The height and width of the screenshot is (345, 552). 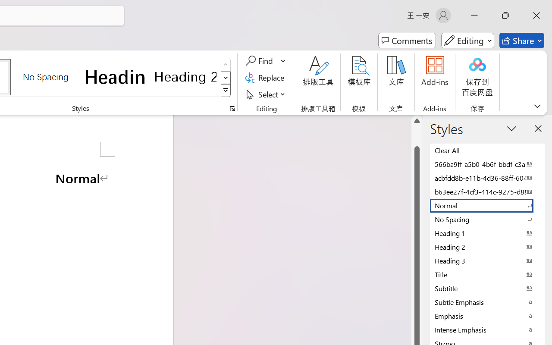 What do you see at coordinates (487, 274) in the screenshot?
I see `'Title'` at bounding box center [487, 274].